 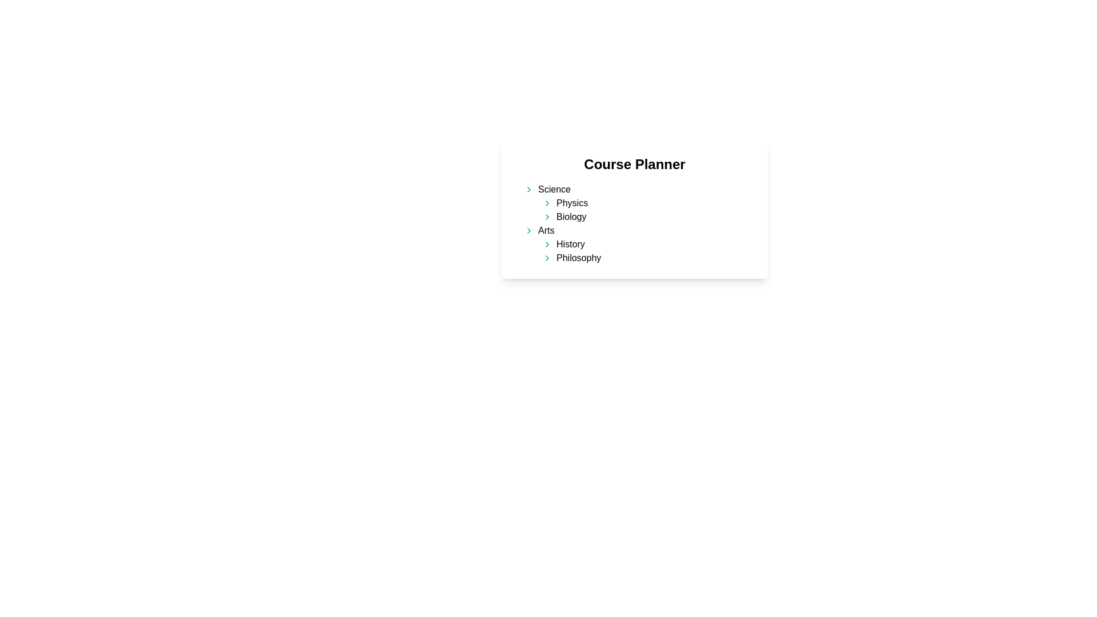 What do you see at coordinates (571, 217) in the screenshot?
I see `the 'Biology' label located under the 'Science' section of the 'Course Planner', positioned below 'Physics' and to the right of a green chevron icon` at bounding box center [571, 217].